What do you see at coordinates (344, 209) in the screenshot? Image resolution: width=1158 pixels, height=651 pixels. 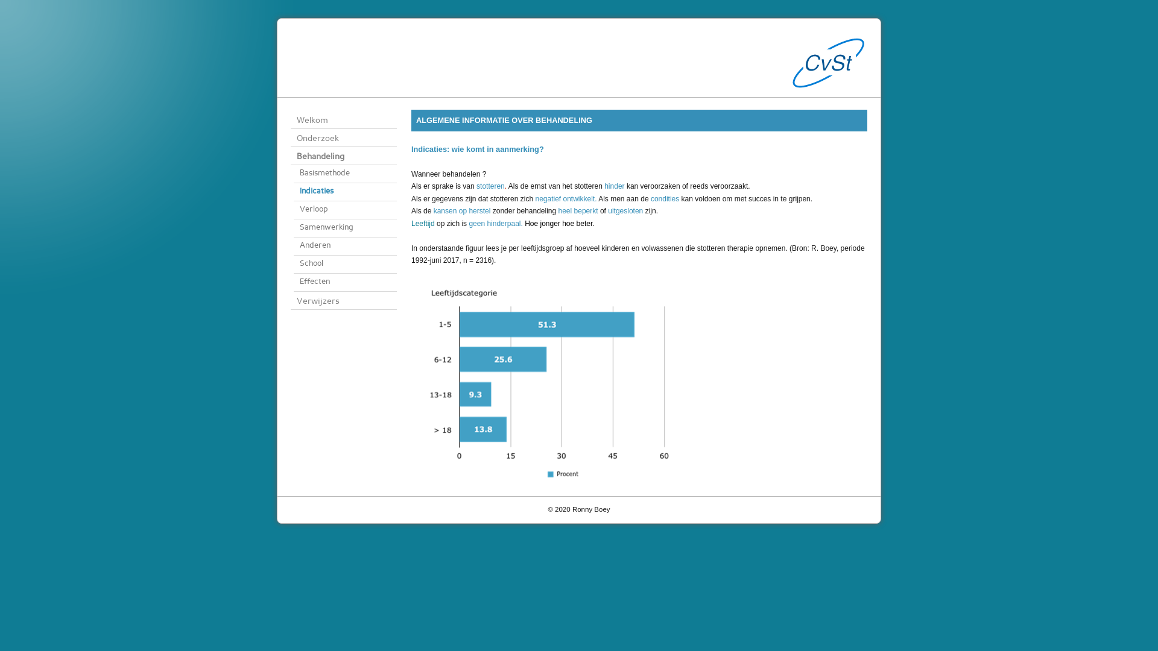 I see `'Verloop'` at bounding box center [344, 209].